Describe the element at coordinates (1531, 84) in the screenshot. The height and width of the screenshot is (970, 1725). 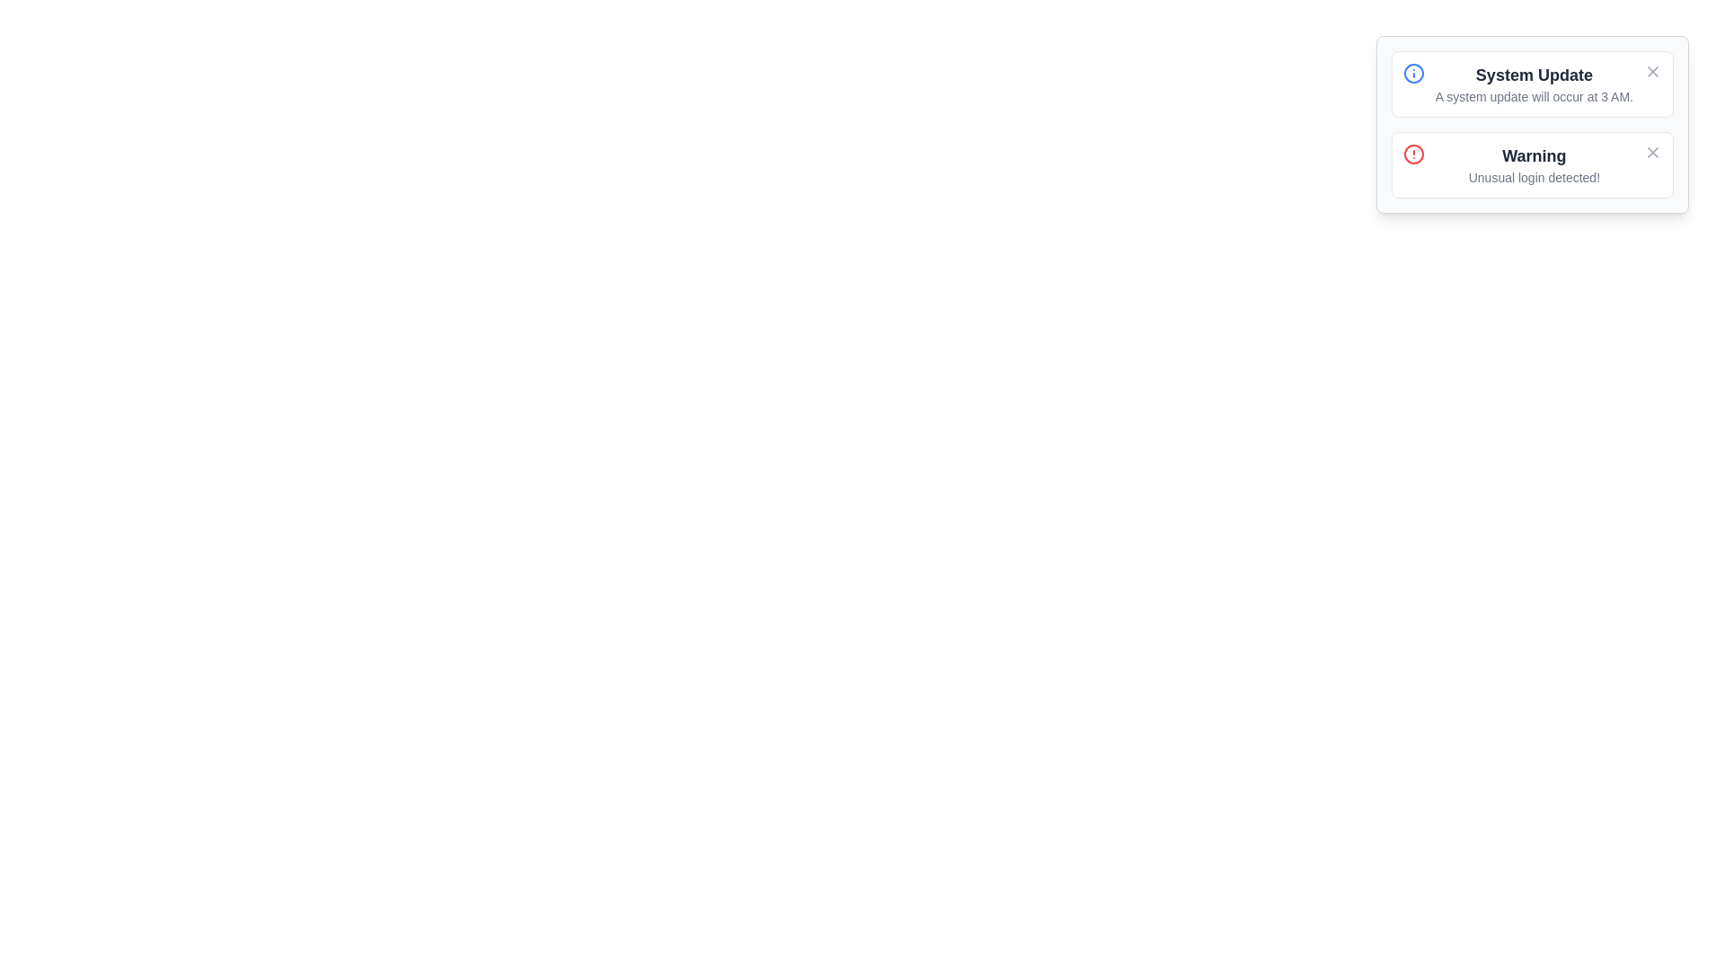
I see `information displayed on the Notification card with the header 'System Update' and text 'A system update will occur at 3 AM.'` at that location.